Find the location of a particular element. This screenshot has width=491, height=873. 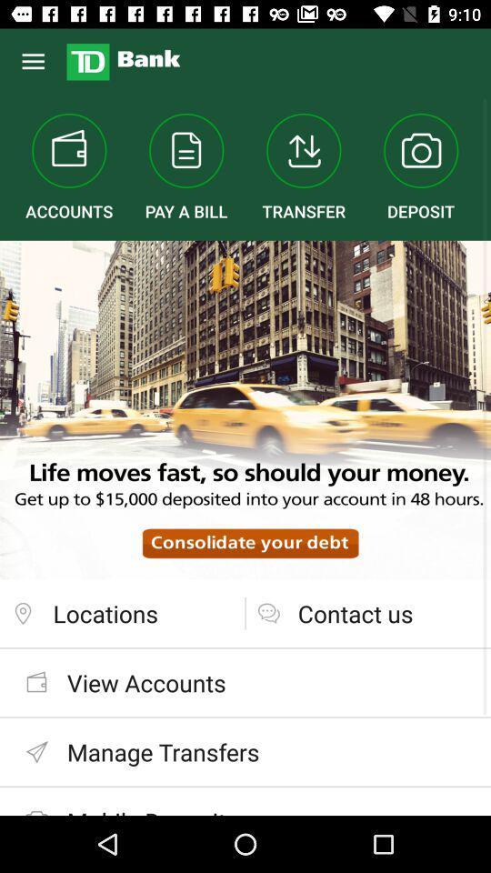

the icon below the accounts is located at coordinates (245, 410).